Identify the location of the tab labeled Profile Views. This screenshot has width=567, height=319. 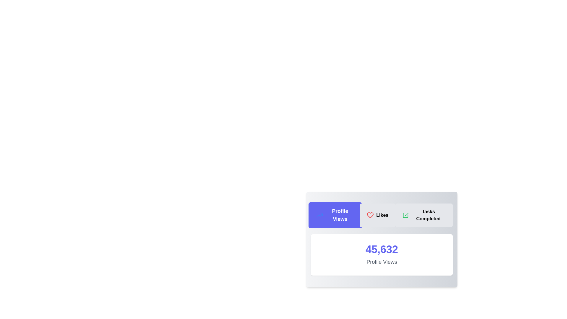
(335, 215).